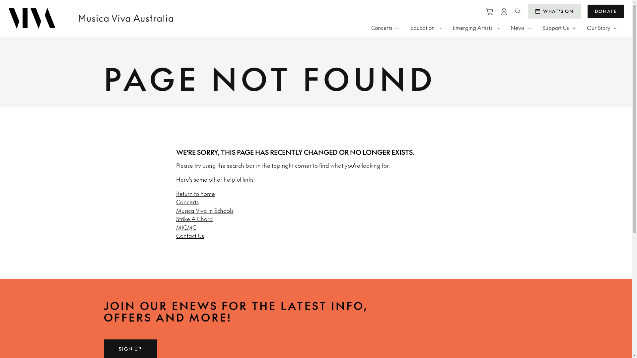 This screenshot has height=358, width=637. I want to click on 'View personal profile', so click(500, 11).